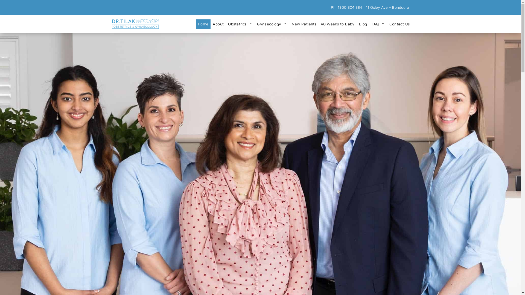  I want to click on 'New Patients', so click(304, 23).